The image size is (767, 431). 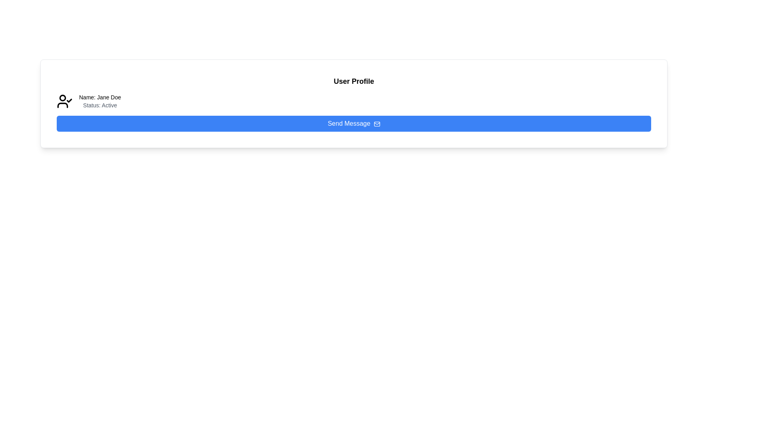 What do you see at coordinates (62, 105) in the screenshot?
I see `the semicircular shape at the bottom of the user profile icon, which represents the user's torso` at bounding box center [62, 105].